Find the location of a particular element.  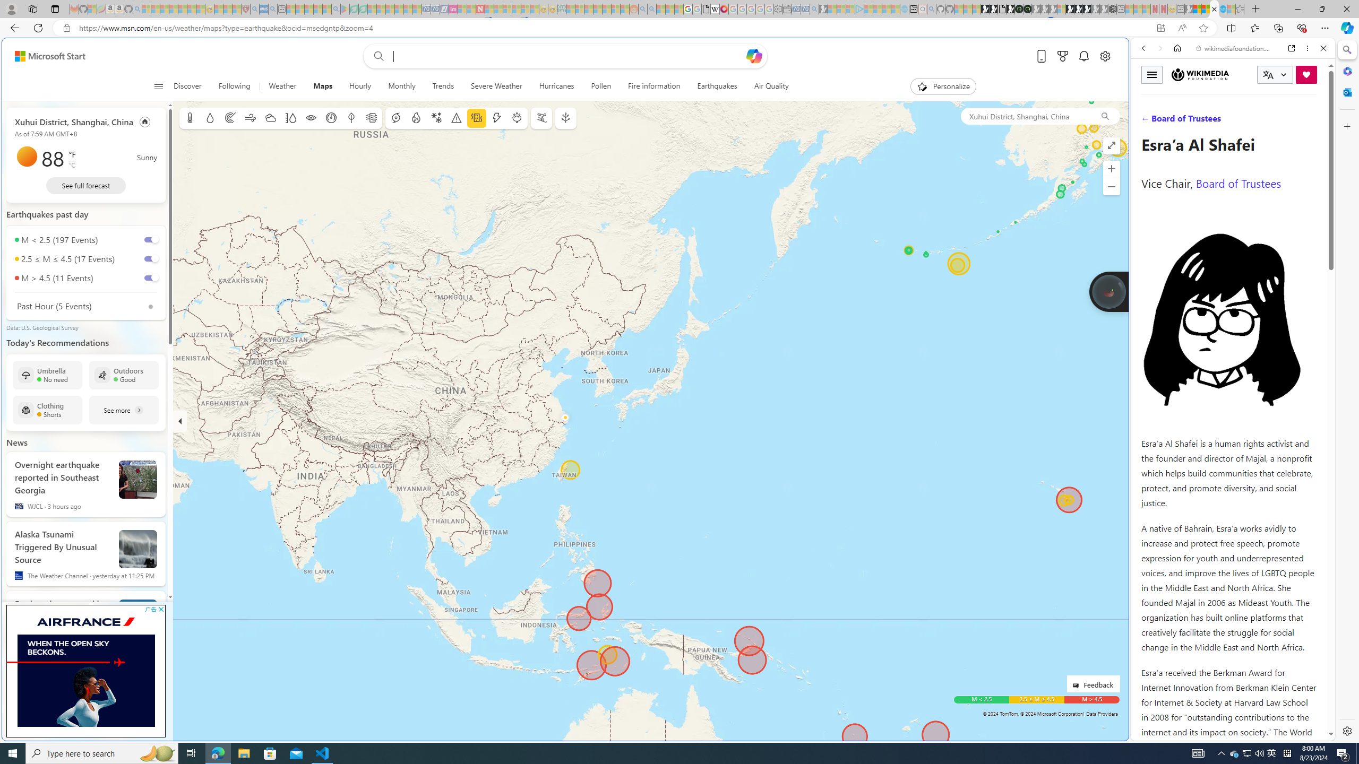

'Alaska Tsunami Triggered By Unusual Source' is located at coordinates (63, 544).